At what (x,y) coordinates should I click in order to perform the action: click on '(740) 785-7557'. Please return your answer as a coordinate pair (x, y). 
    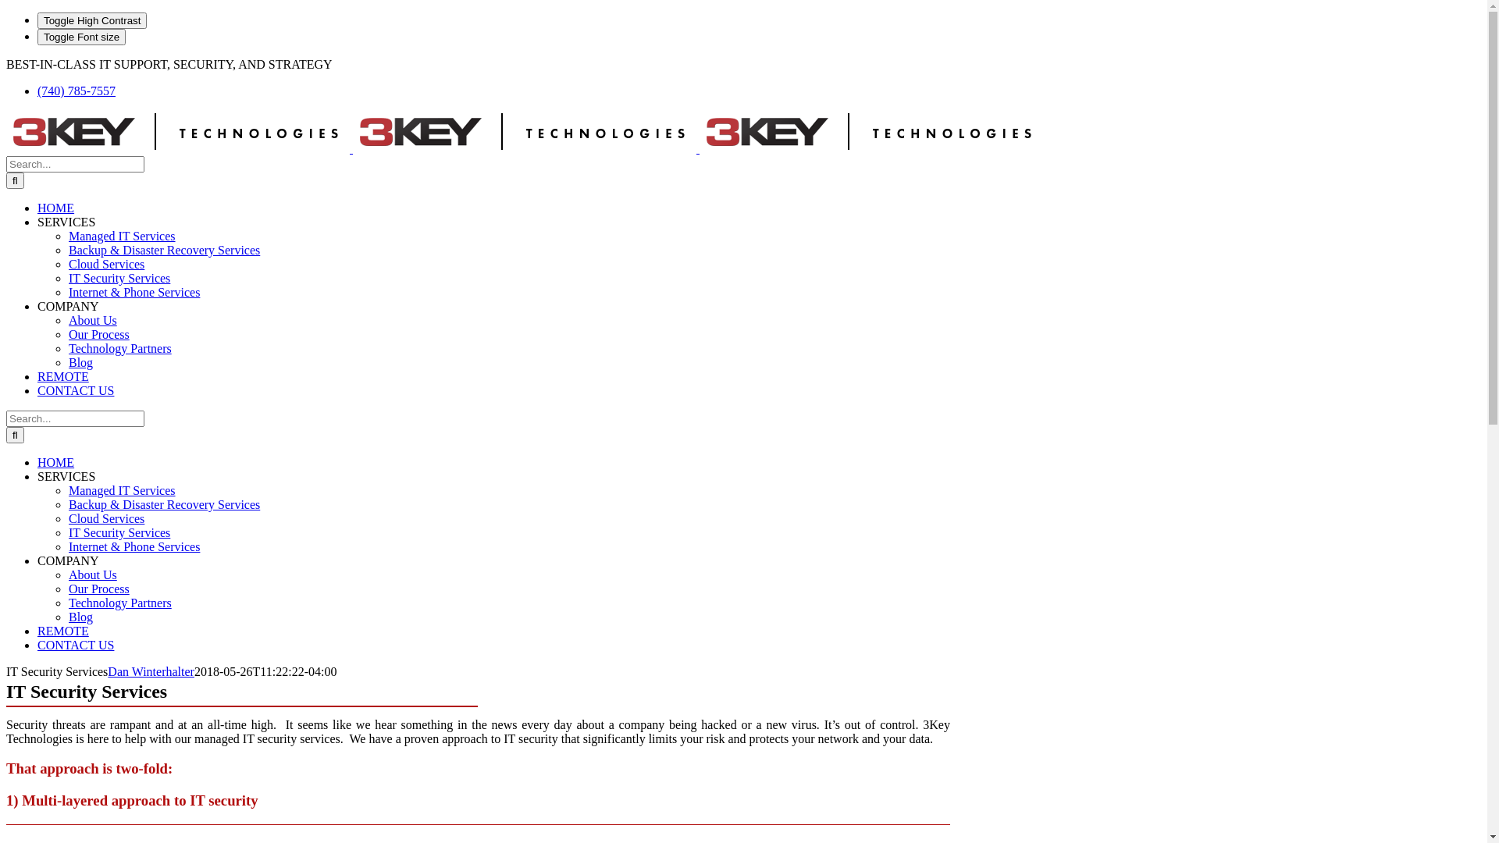
    Looking at the image, I should click on (75, 91).